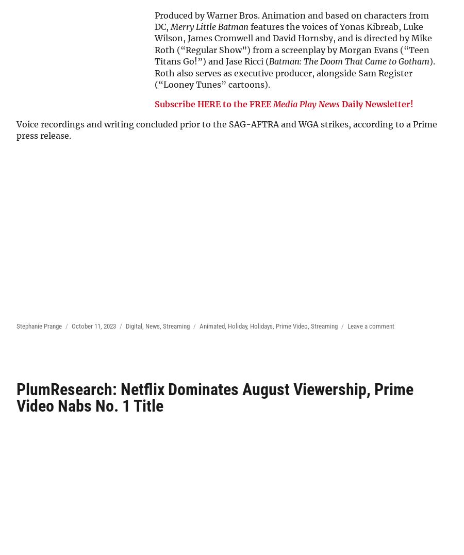 The height and width of the screenshot is (555, 464). I want to click on 'Batman: The Doom That Came to Gotham', so click(349, 61).